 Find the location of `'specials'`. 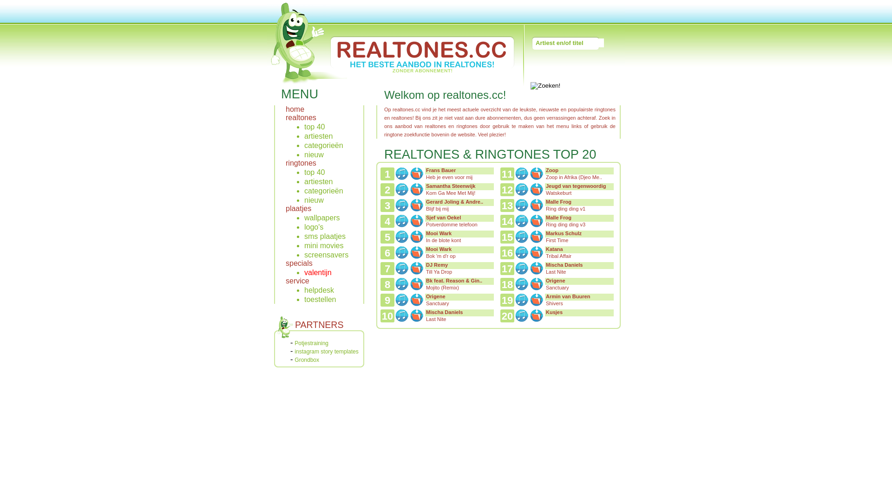

'specials' is located at coordinates (299, 263).